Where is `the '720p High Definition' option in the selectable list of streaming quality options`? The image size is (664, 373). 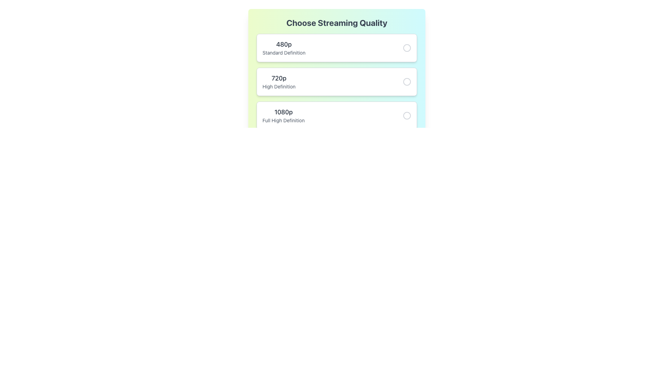 the '720p High Definition' option in the selectable list of streaming quality options is located at coordinates (337, 98).